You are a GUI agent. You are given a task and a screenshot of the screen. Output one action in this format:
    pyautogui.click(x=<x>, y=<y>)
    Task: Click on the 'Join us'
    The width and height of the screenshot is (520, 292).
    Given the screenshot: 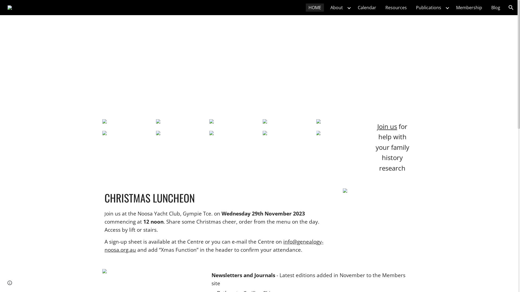 What is the action you would take?
    pyautogui.click(x=387, y=127)
    